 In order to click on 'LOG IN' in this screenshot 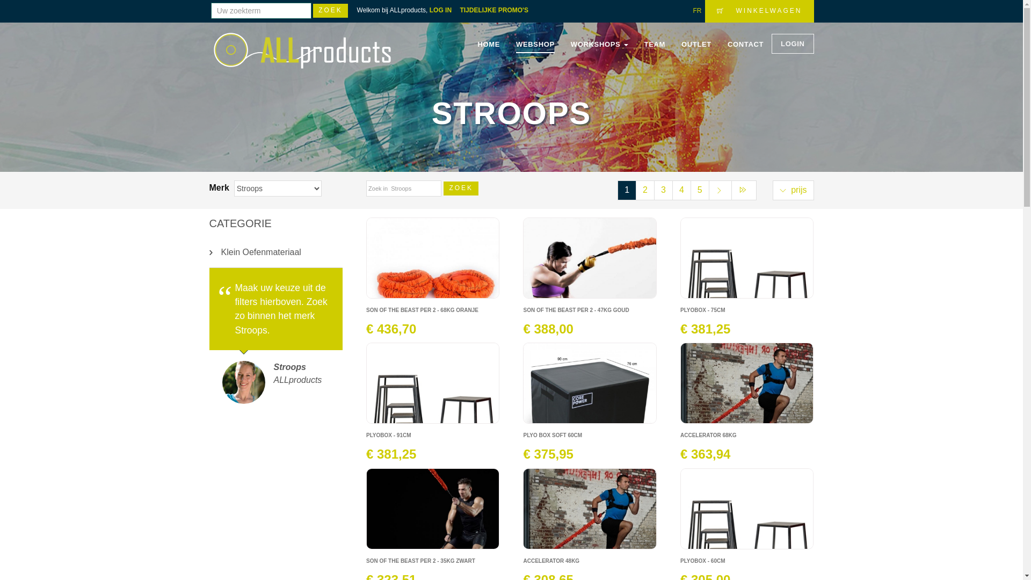, I will do `click(444, 10)`.